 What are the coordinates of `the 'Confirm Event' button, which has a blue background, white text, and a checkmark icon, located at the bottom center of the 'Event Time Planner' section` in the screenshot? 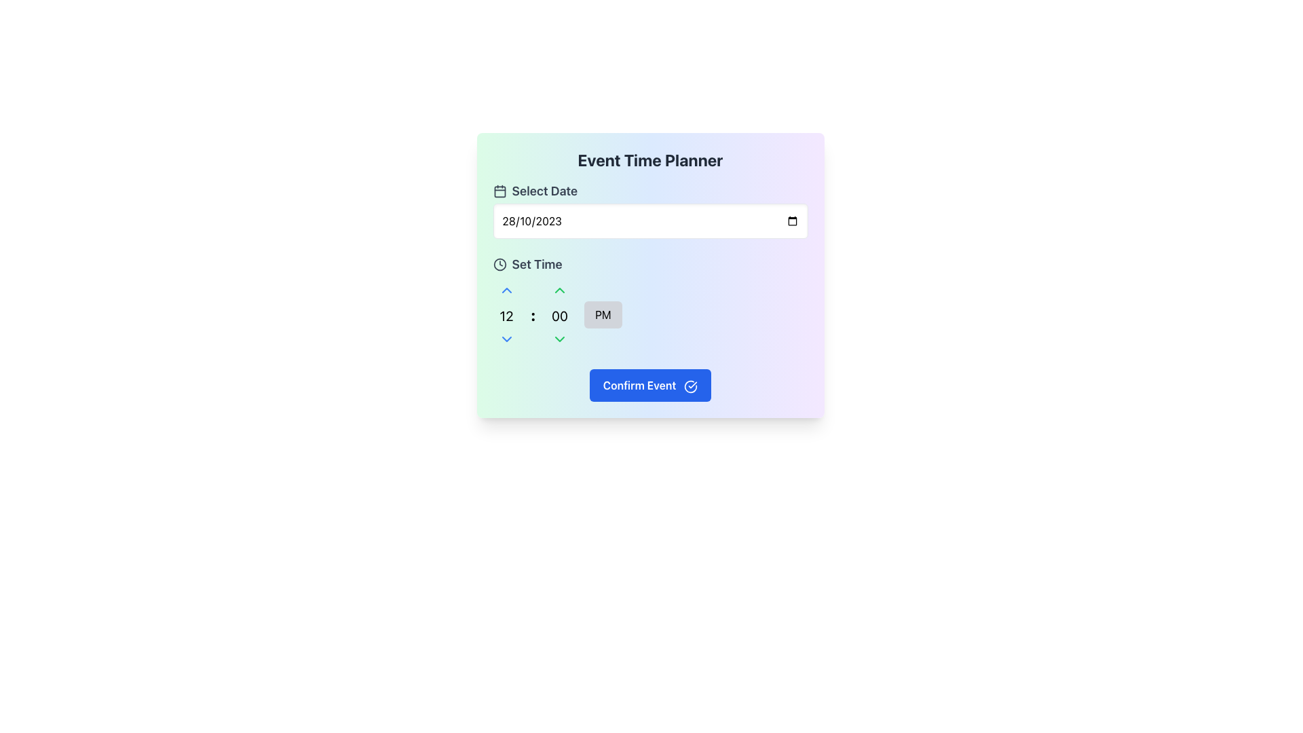 It's located at (649, 385).